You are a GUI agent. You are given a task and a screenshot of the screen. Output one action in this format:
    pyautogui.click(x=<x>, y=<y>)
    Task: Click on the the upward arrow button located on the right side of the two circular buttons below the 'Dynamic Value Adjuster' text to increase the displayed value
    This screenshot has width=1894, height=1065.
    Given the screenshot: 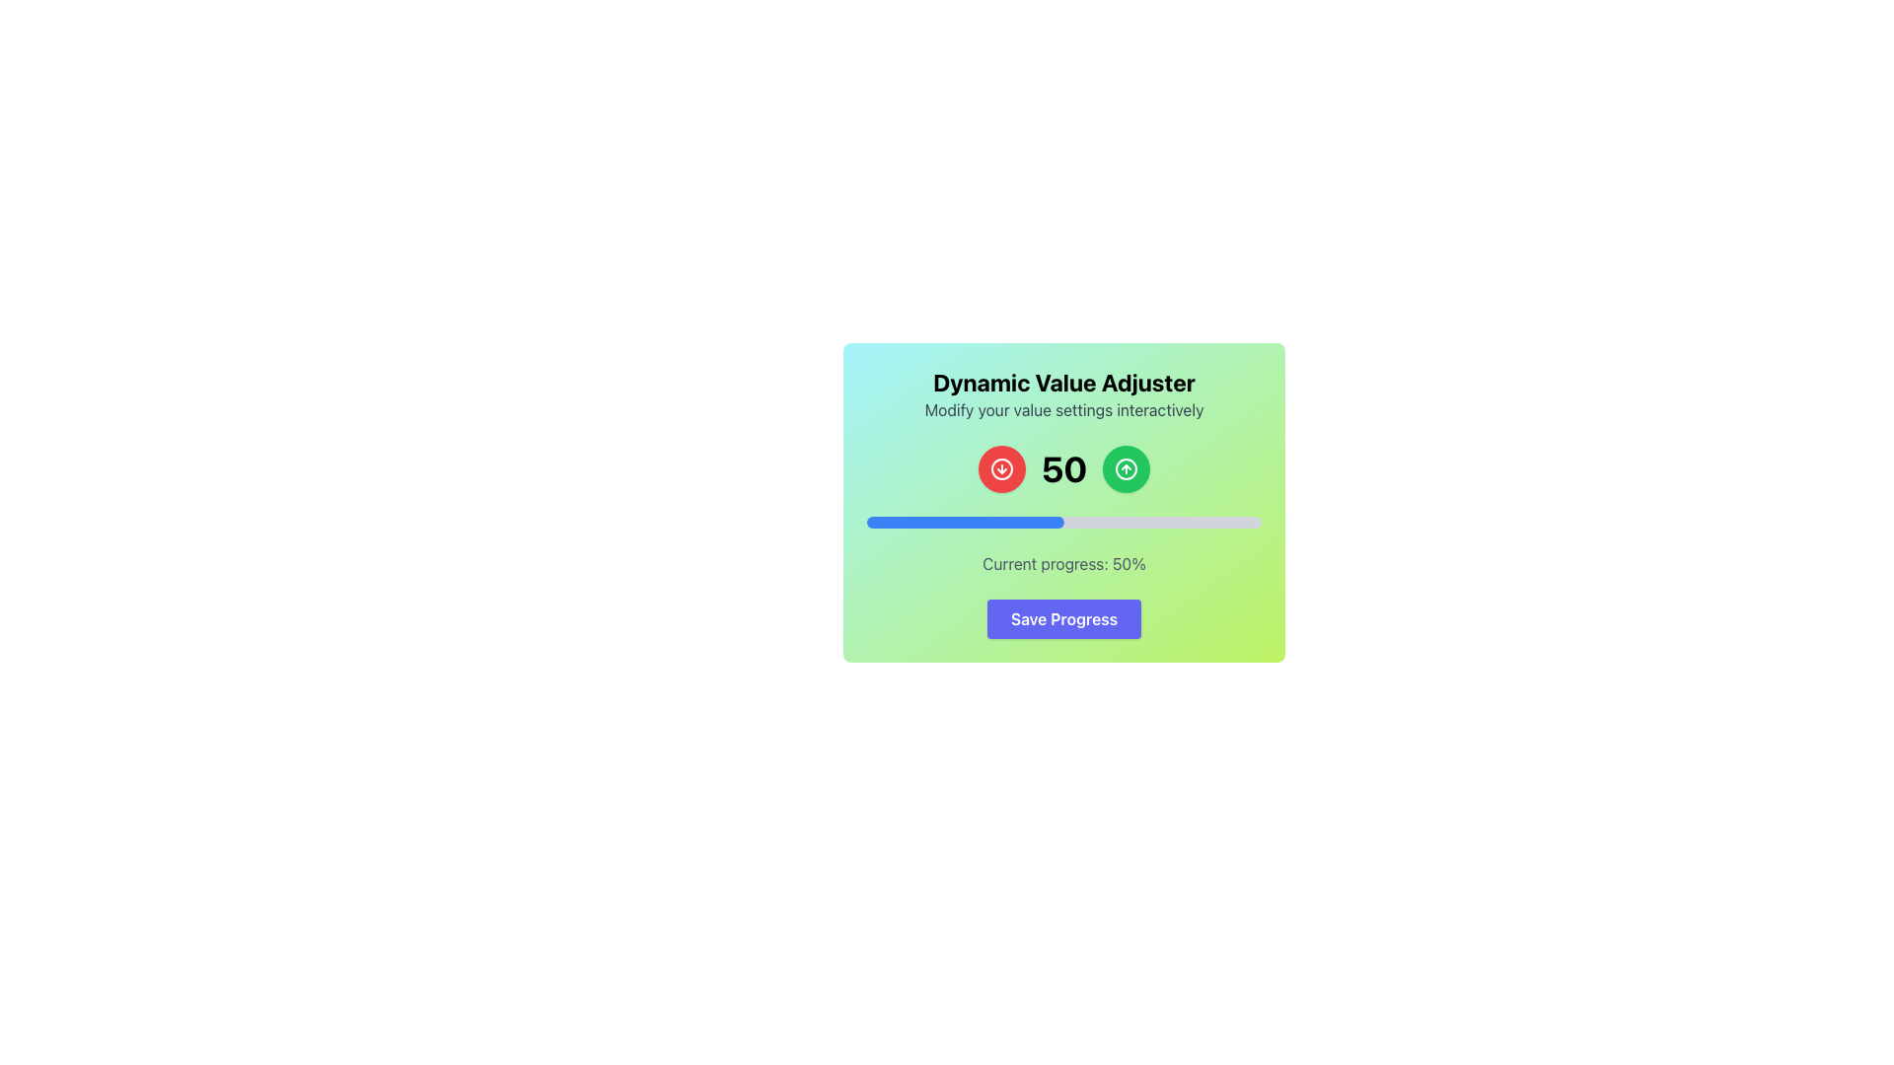 What is the action you would take?
    pyautogui.click(x=1127, y=468)
    